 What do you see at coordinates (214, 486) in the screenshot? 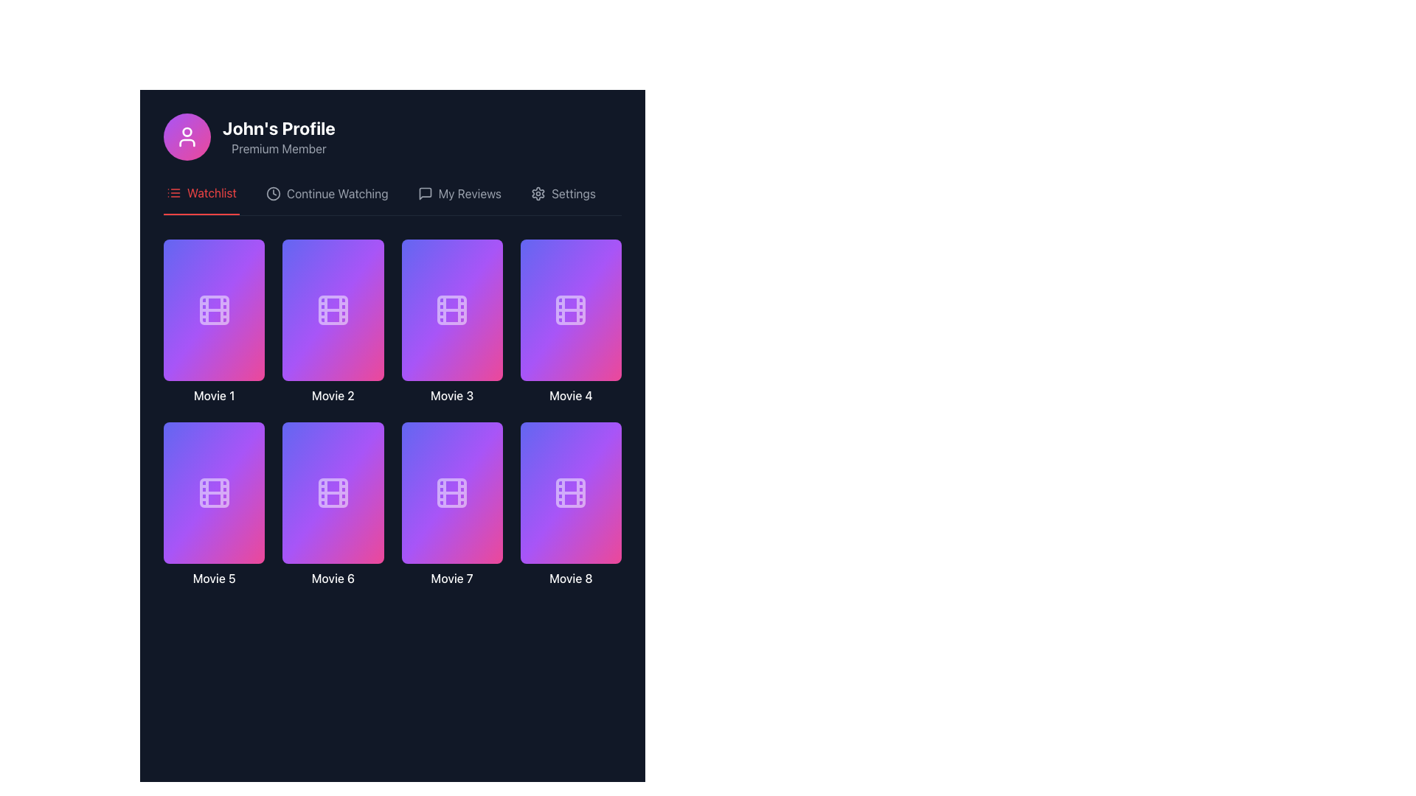
I see `the triangular play icon located in the 'Movie 5' card, which is in the second row and first column of the grid` at bounding box center [214, 486].